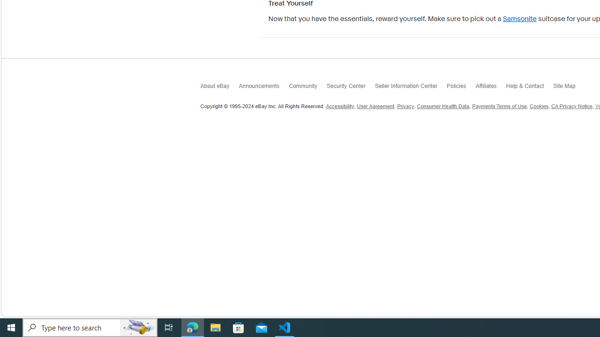  Describe the element at coordinates (519, 19) in the screenshot. I see `'Samsonite'` at that location.